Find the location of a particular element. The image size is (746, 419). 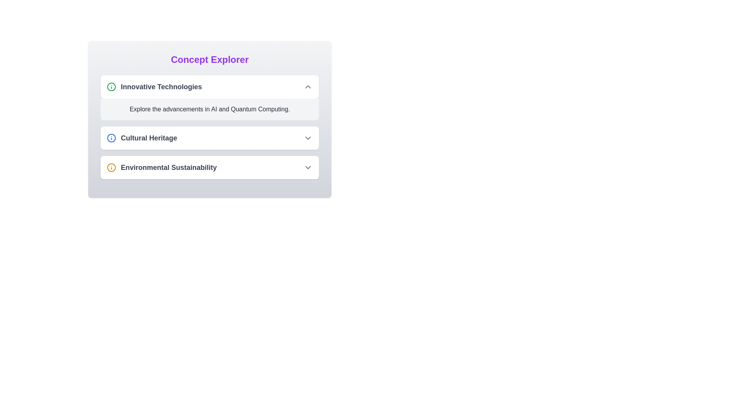

the Chevron Down icon located at the far right end of the 'Cultural Heritage' section is located at coordinates (307, 137).